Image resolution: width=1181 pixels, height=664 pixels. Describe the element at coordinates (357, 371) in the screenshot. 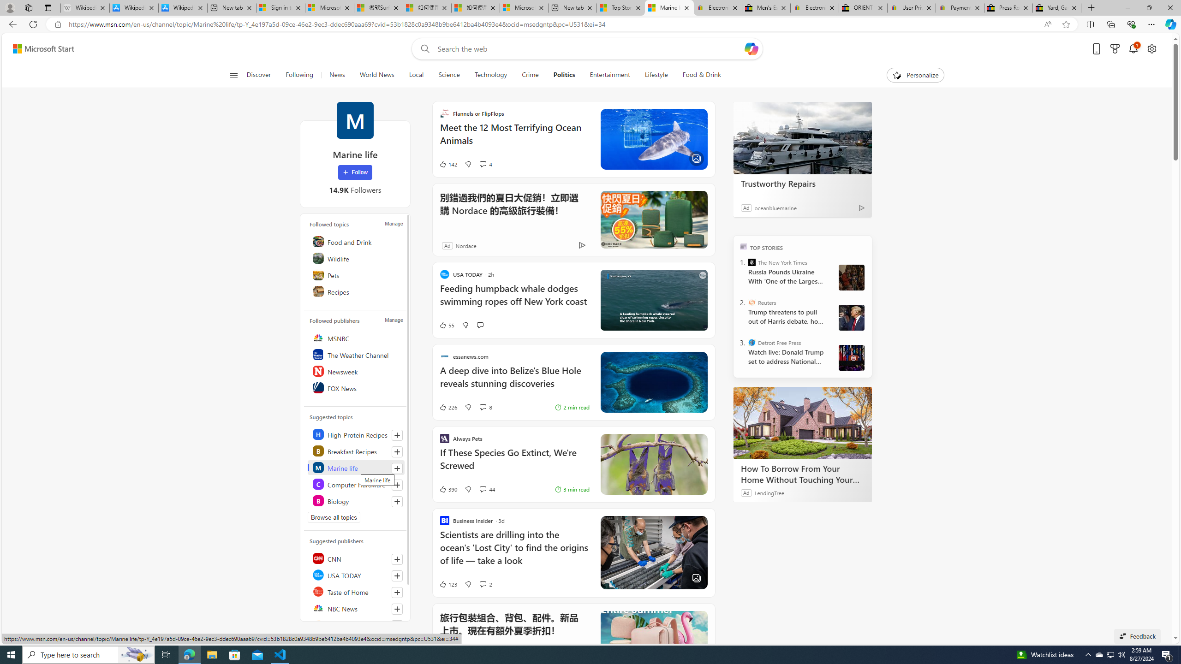

I see `'Newsweek'` at that location.